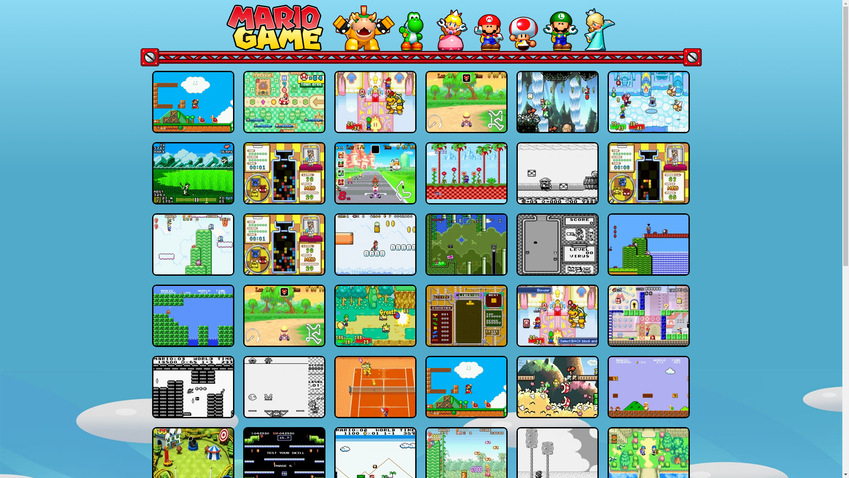 This screenshot has width=849, height=478. Describe the element at coordinates (192, 314) in the screenshot. I see `'Cyborg Mario'` at that location.